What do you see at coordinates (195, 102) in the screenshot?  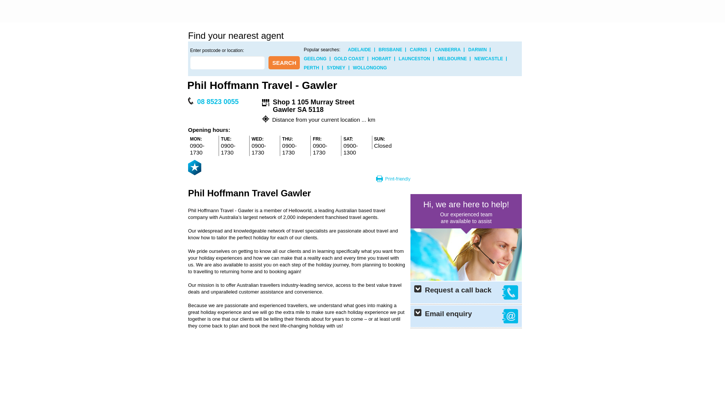 I see `'08 8523 0055'` at bounding box center [195, 102].